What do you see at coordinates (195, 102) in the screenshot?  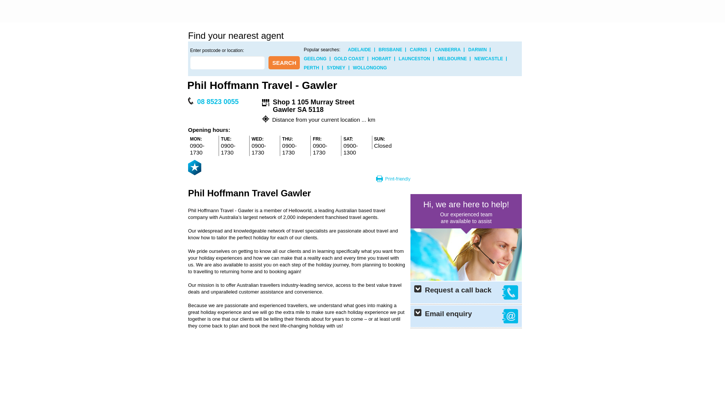 I see `'08 8523 0055'` at bounding box center [195, 102].